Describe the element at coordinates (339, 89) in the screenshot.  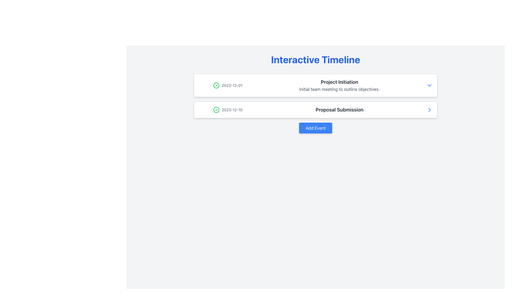
I see `the informational text description located directly below the heading 'Project Initiation' in the first timeline entry of the 'Interactive Timeline' interface` at that location.